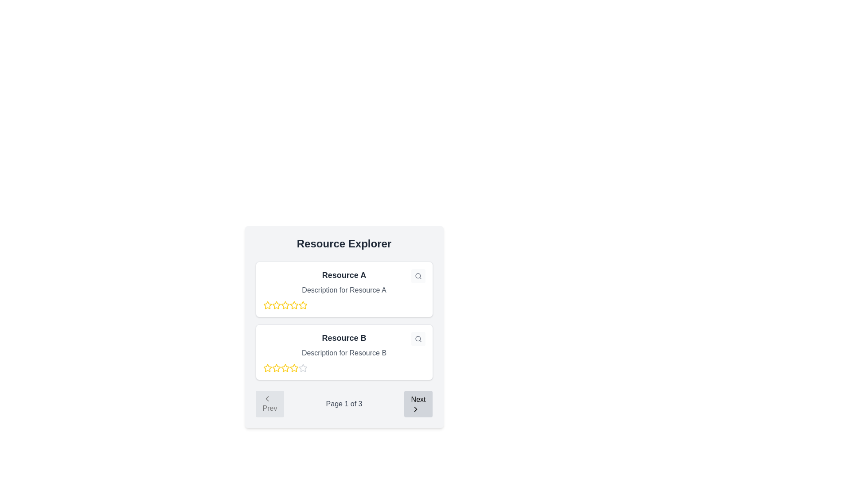 The image size is (851, 478). I want to click on the circular graphical element within the magnifying glass icon, so click(417, 339).